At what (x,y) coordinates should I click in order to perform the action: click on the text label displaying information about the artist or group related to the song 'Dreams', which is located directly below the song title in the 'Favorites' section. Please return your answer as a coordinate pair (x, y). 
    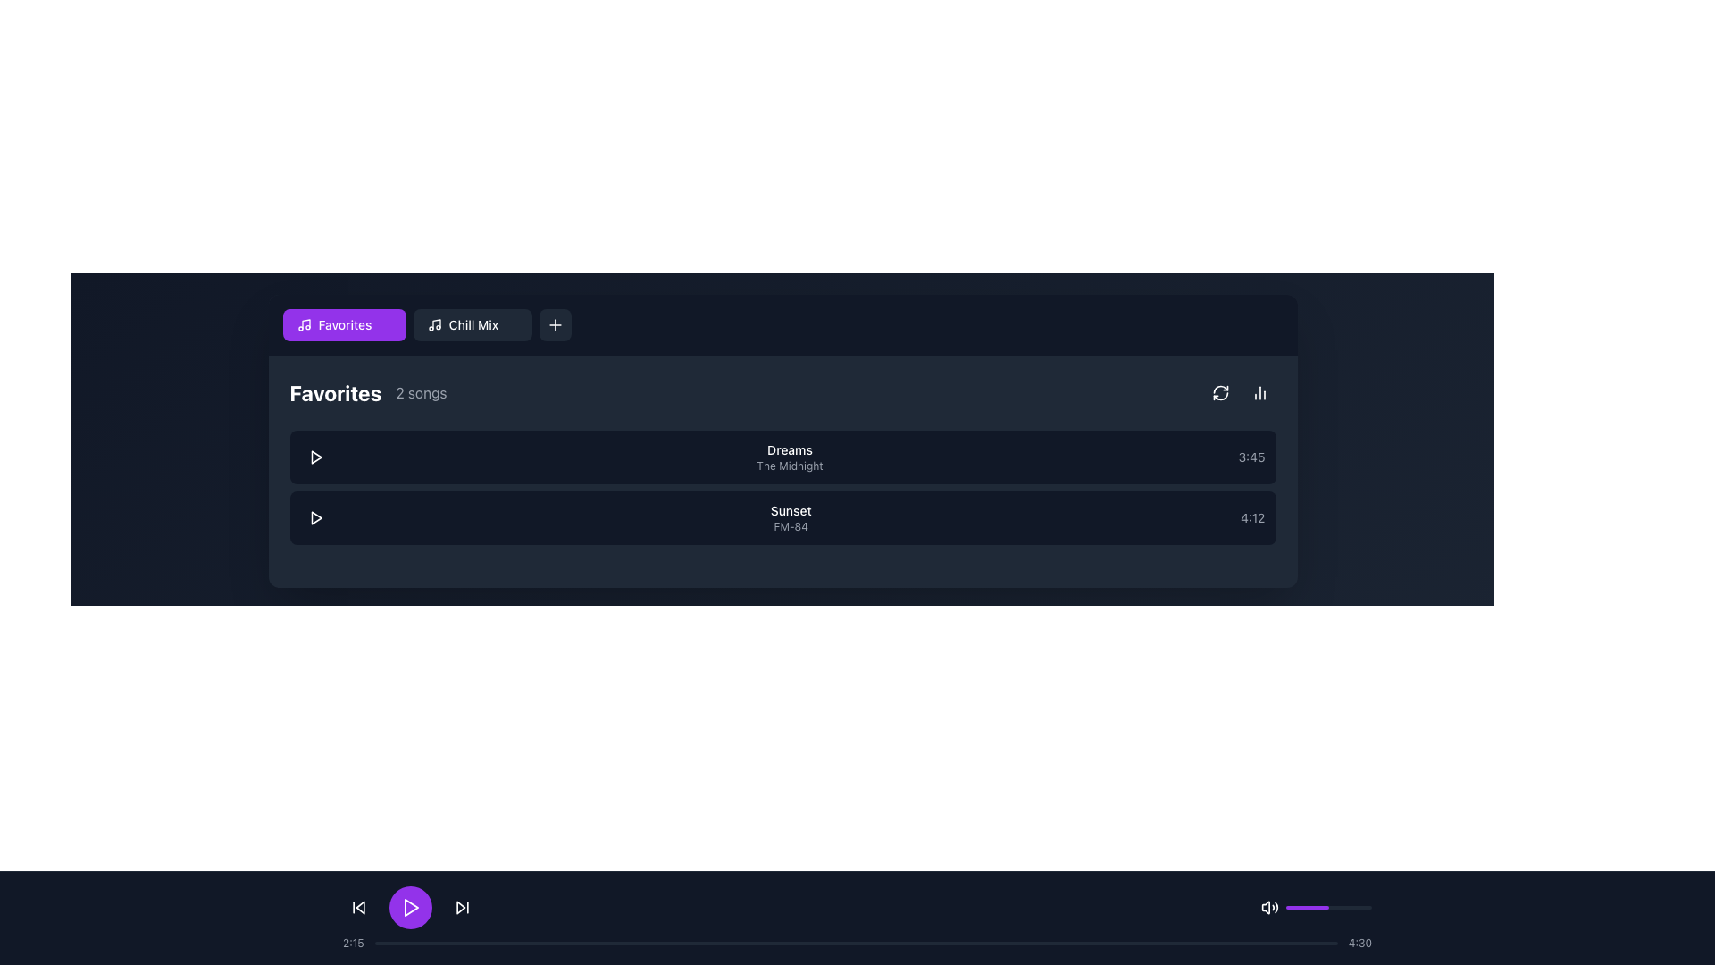
    Looking at the image, I should click on (789, 465).